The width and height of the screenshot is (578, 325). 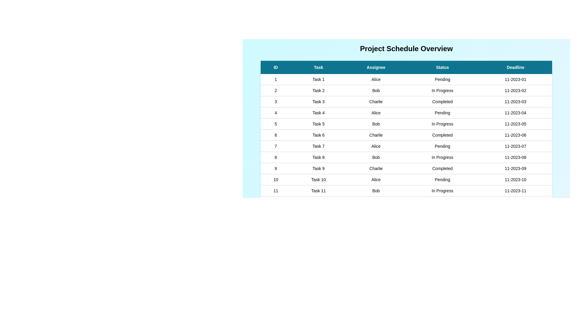 I want to click on the header of the column ID to sort the table by that column, so click(x=275, y=67).